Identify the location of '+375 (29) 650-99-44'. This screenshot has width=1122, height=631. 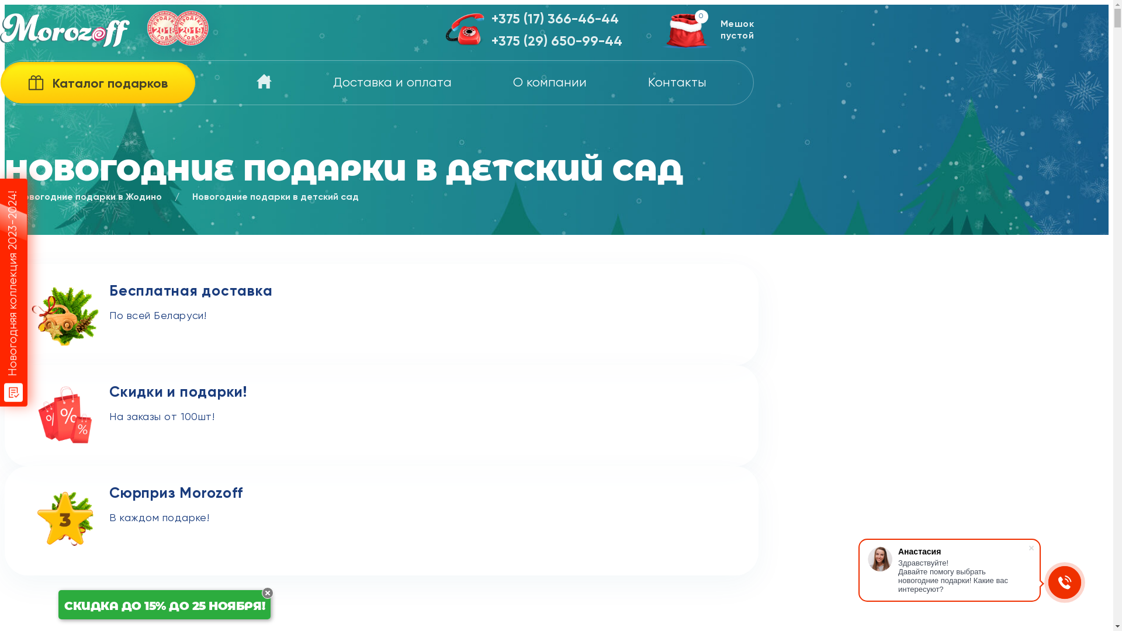
(491, 41).